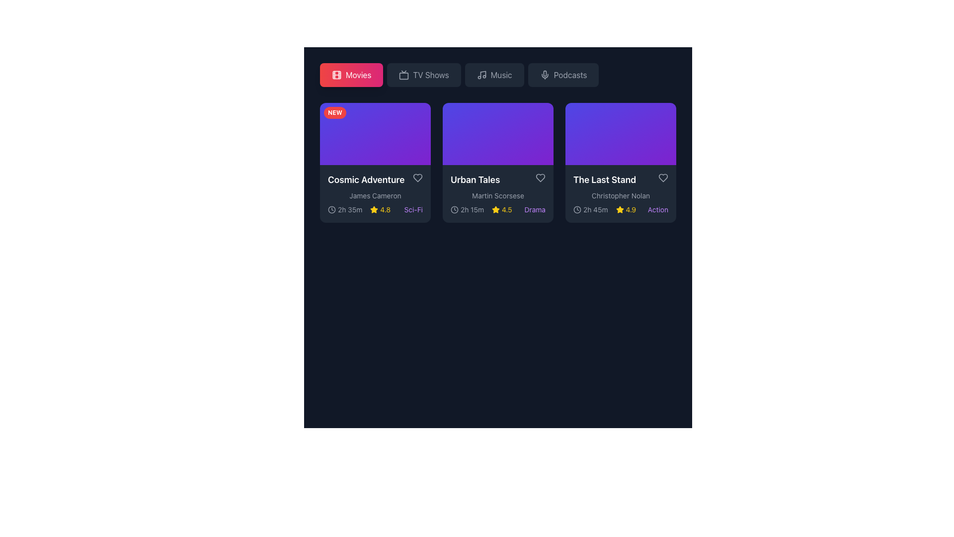  What do you see at coordinates (498, 180) in the screenshot?
I see `title text label for the movie 'Urban Tales' located on the second card in the Movies category, positioned at the top left beneath a gradient visual` at bounding box center [498, 180].